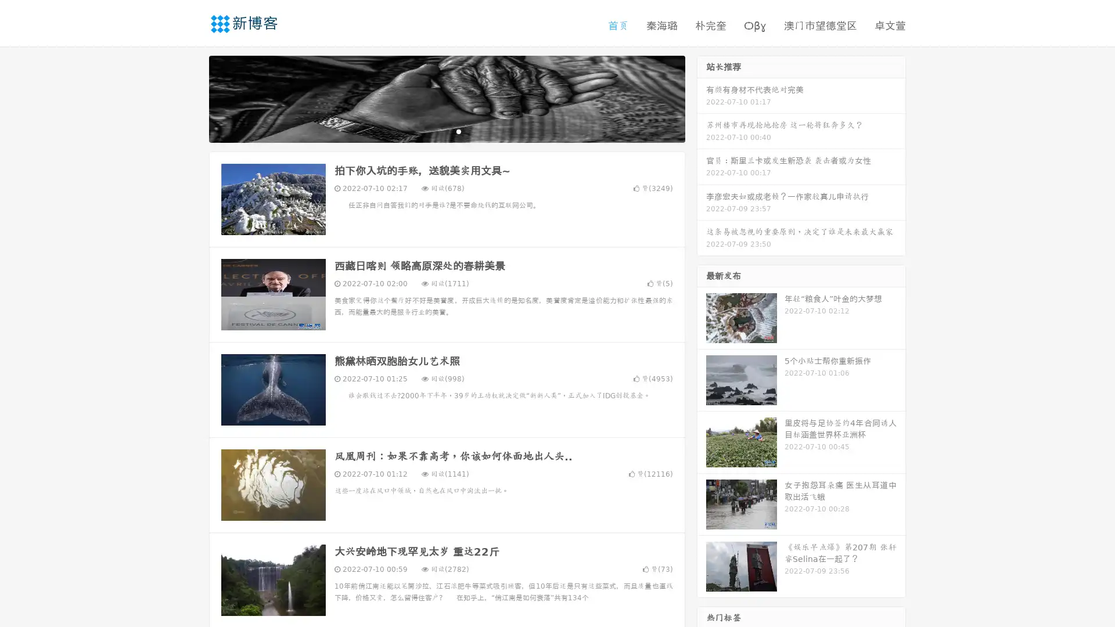  What do you see at coordinates (446, 131) in the screenshot?
I see `Go to slide 2` at bounding box center [446, 131].